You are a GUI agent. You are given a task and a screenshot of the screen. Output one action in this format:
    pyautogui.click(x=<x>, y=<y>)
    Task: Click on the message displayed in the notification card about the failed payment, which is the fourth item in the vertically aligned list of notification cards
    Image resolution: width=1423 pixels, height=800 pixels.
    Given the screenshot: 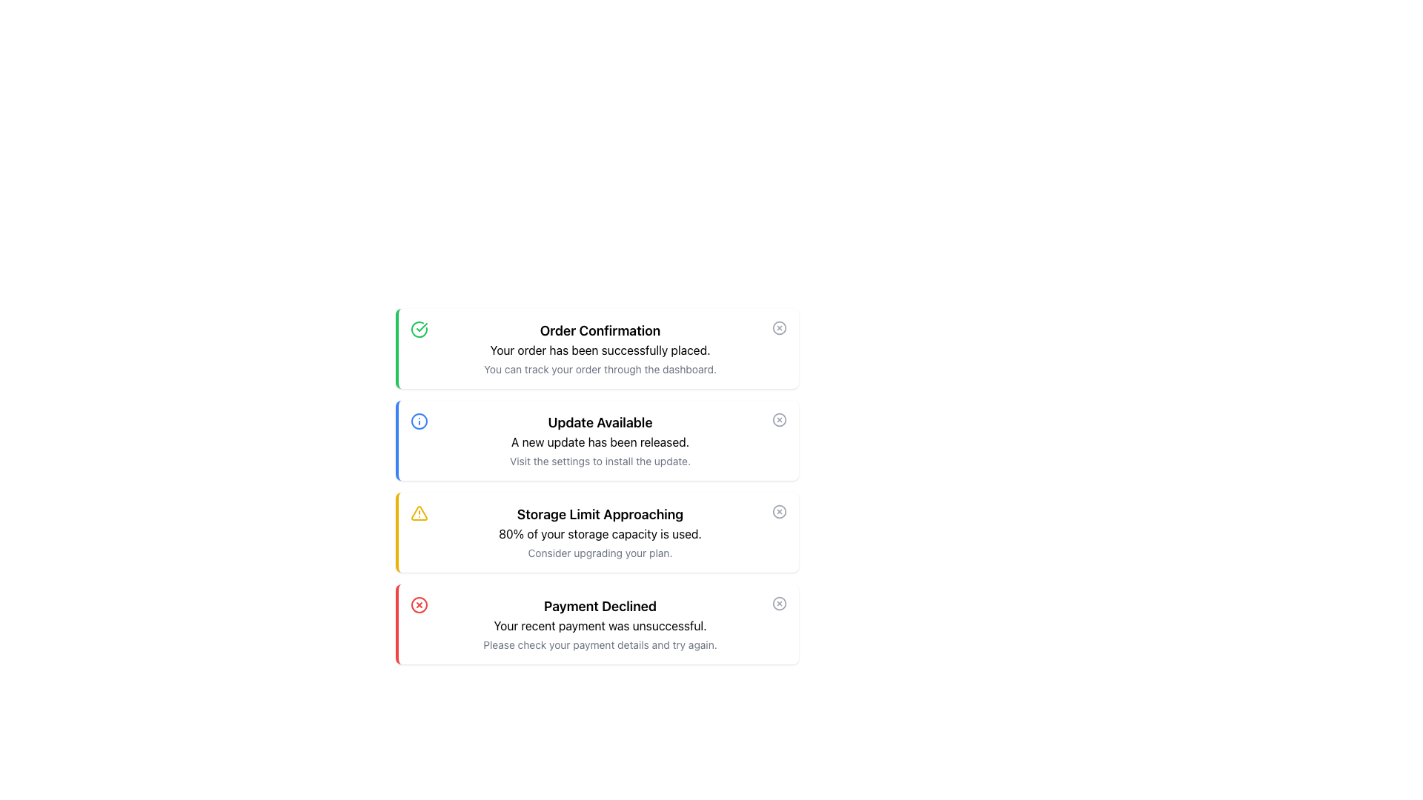 What is the action you would take?
    pyautogui.click(x=600, y=624)
    